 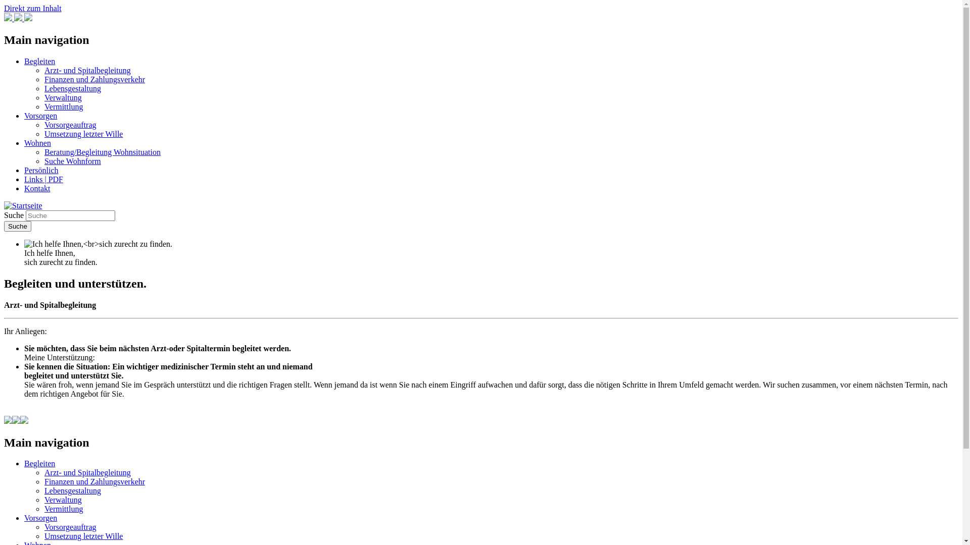 What do you see at coordinates (72, 490) in the screenshot?
I see `'Lebensgestaltung'` at bounding box center [72, 490].